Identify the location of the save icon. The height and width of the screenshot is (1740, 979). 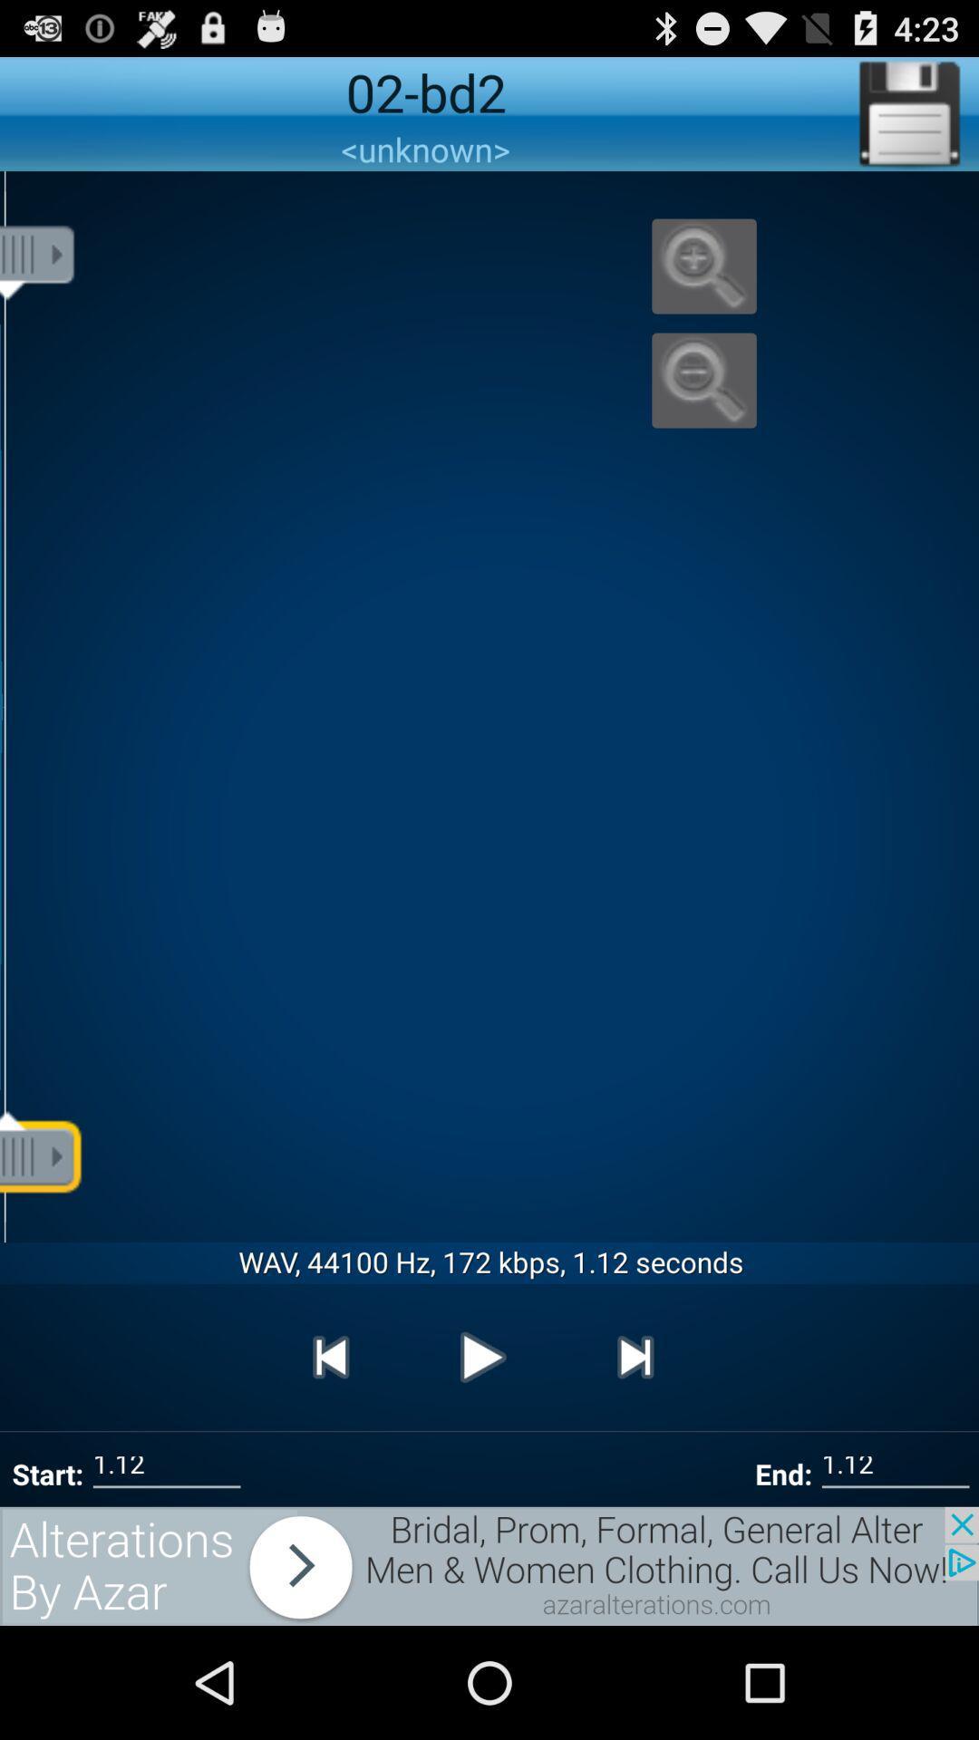
(909, 121).